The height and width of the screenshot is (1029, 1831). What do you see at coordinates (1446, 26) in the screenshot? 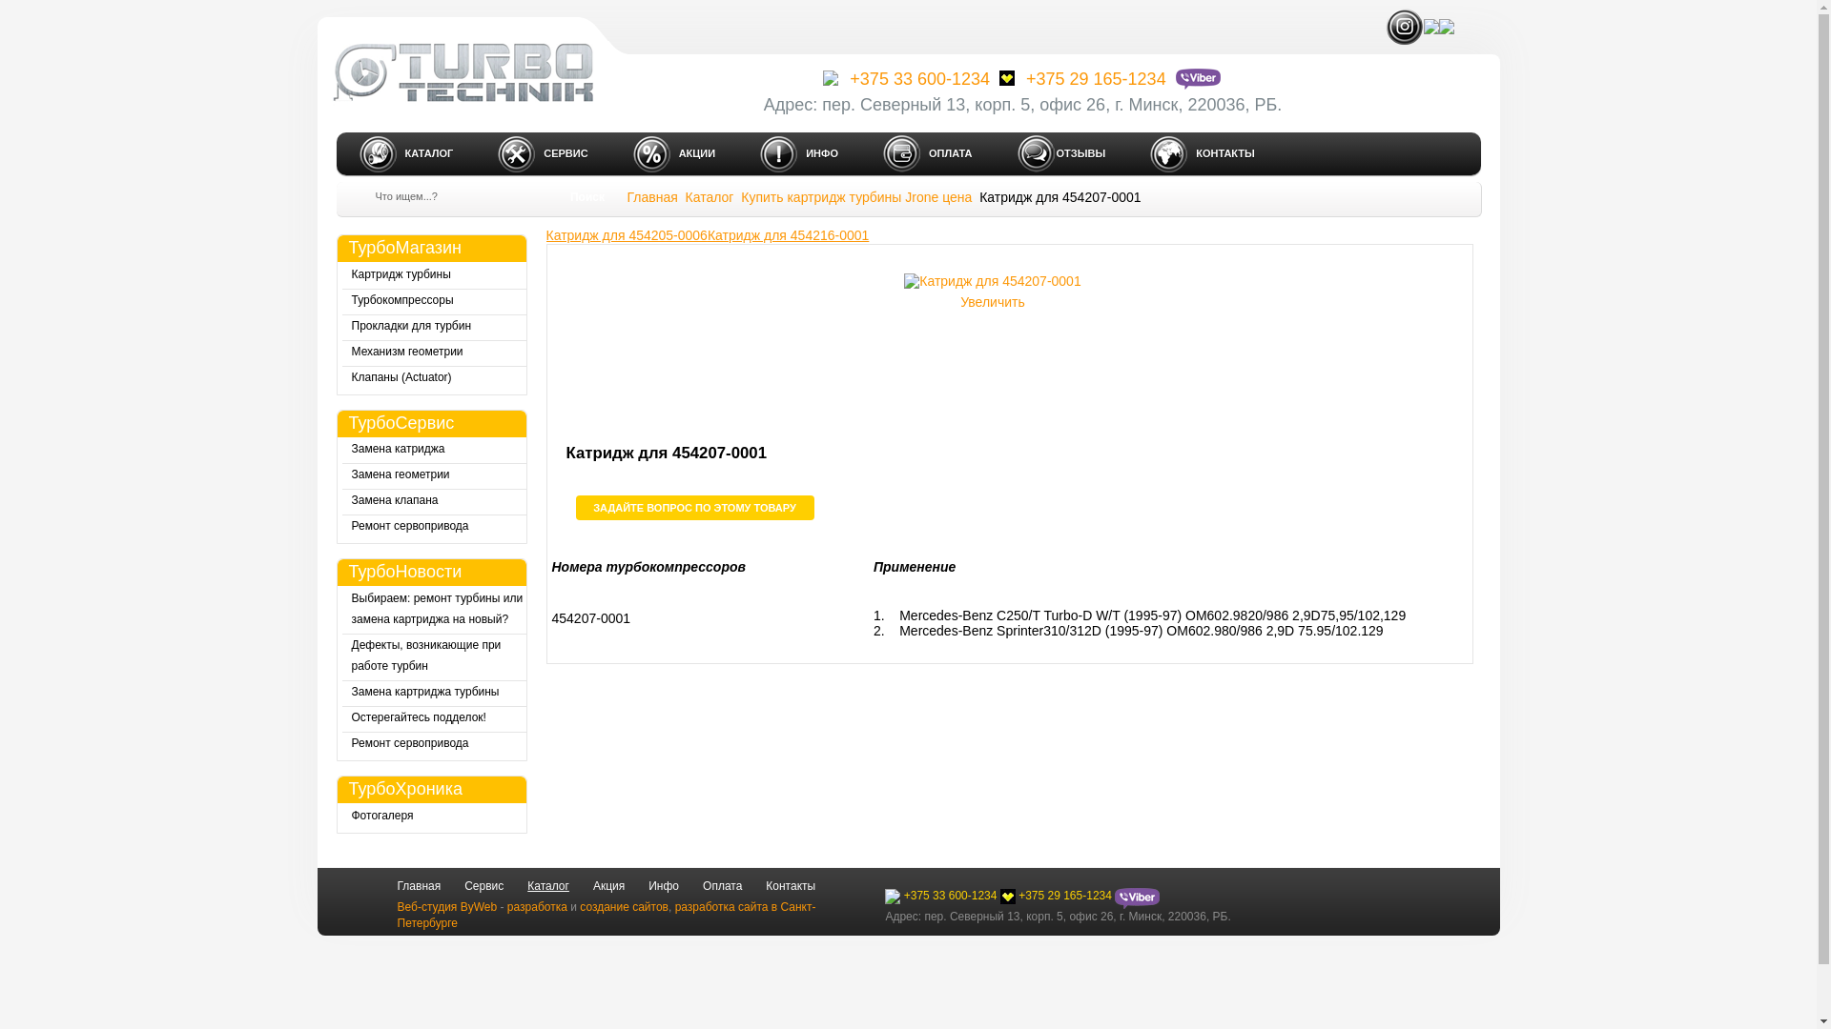
I see `'E-mail'` at bounding box center [1446, 26].